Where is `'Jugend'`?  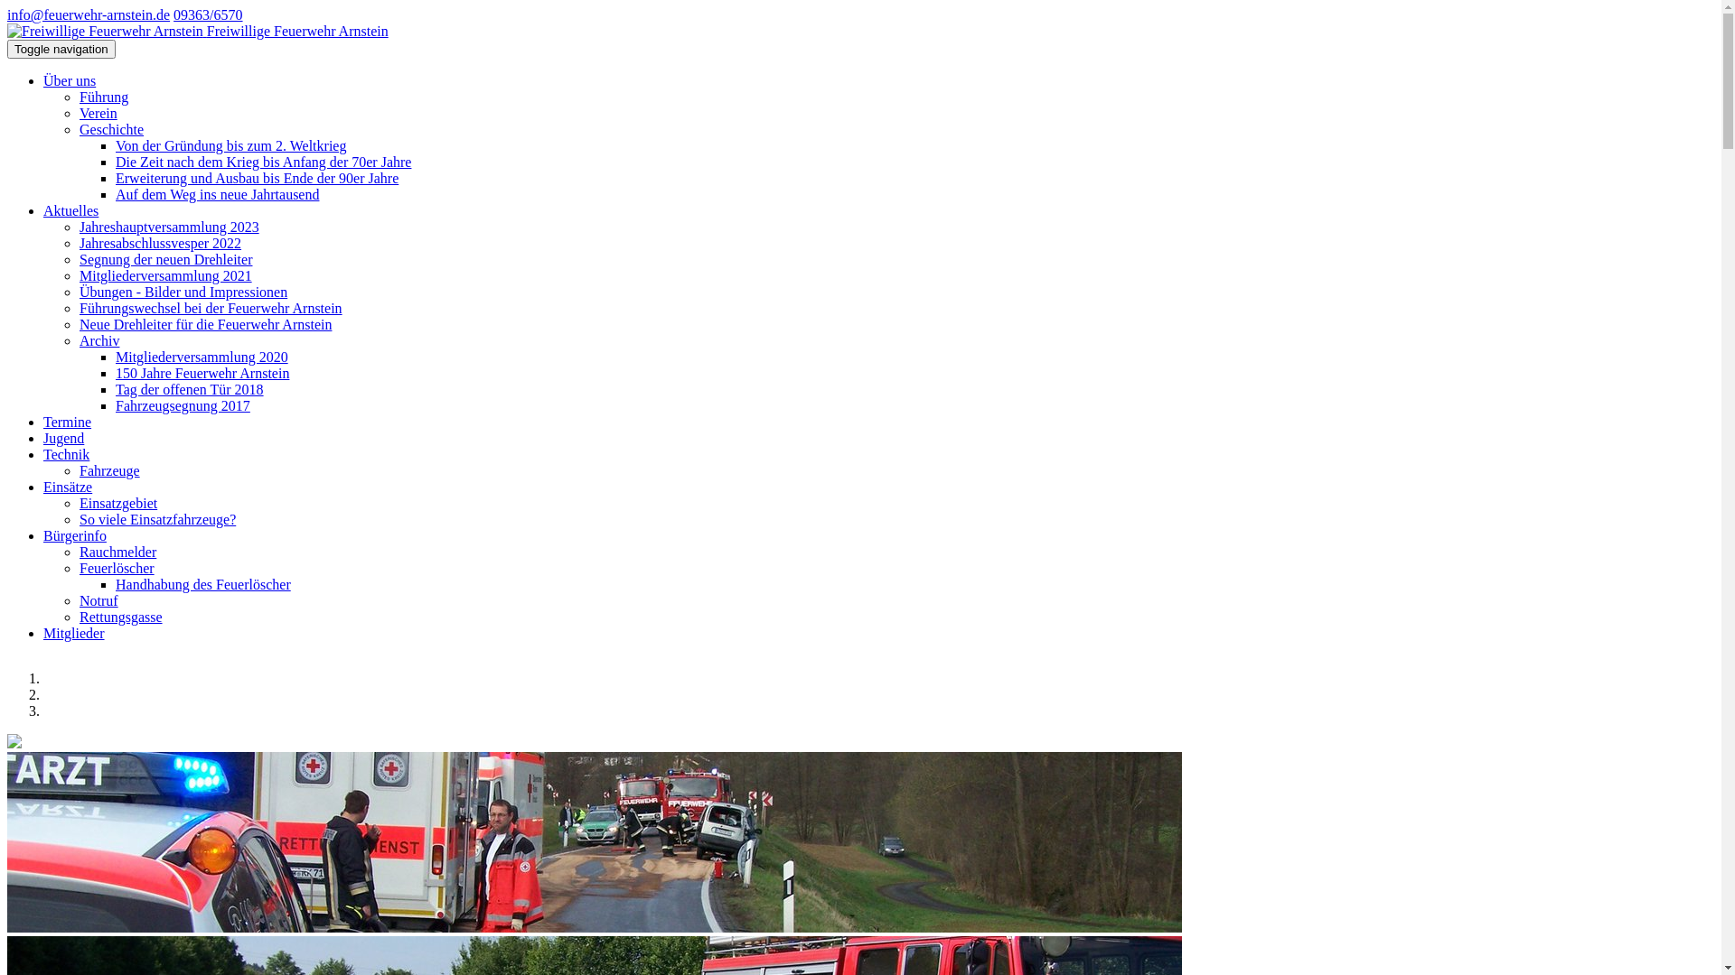 'Jugend' is located at coordinates (63, 438).